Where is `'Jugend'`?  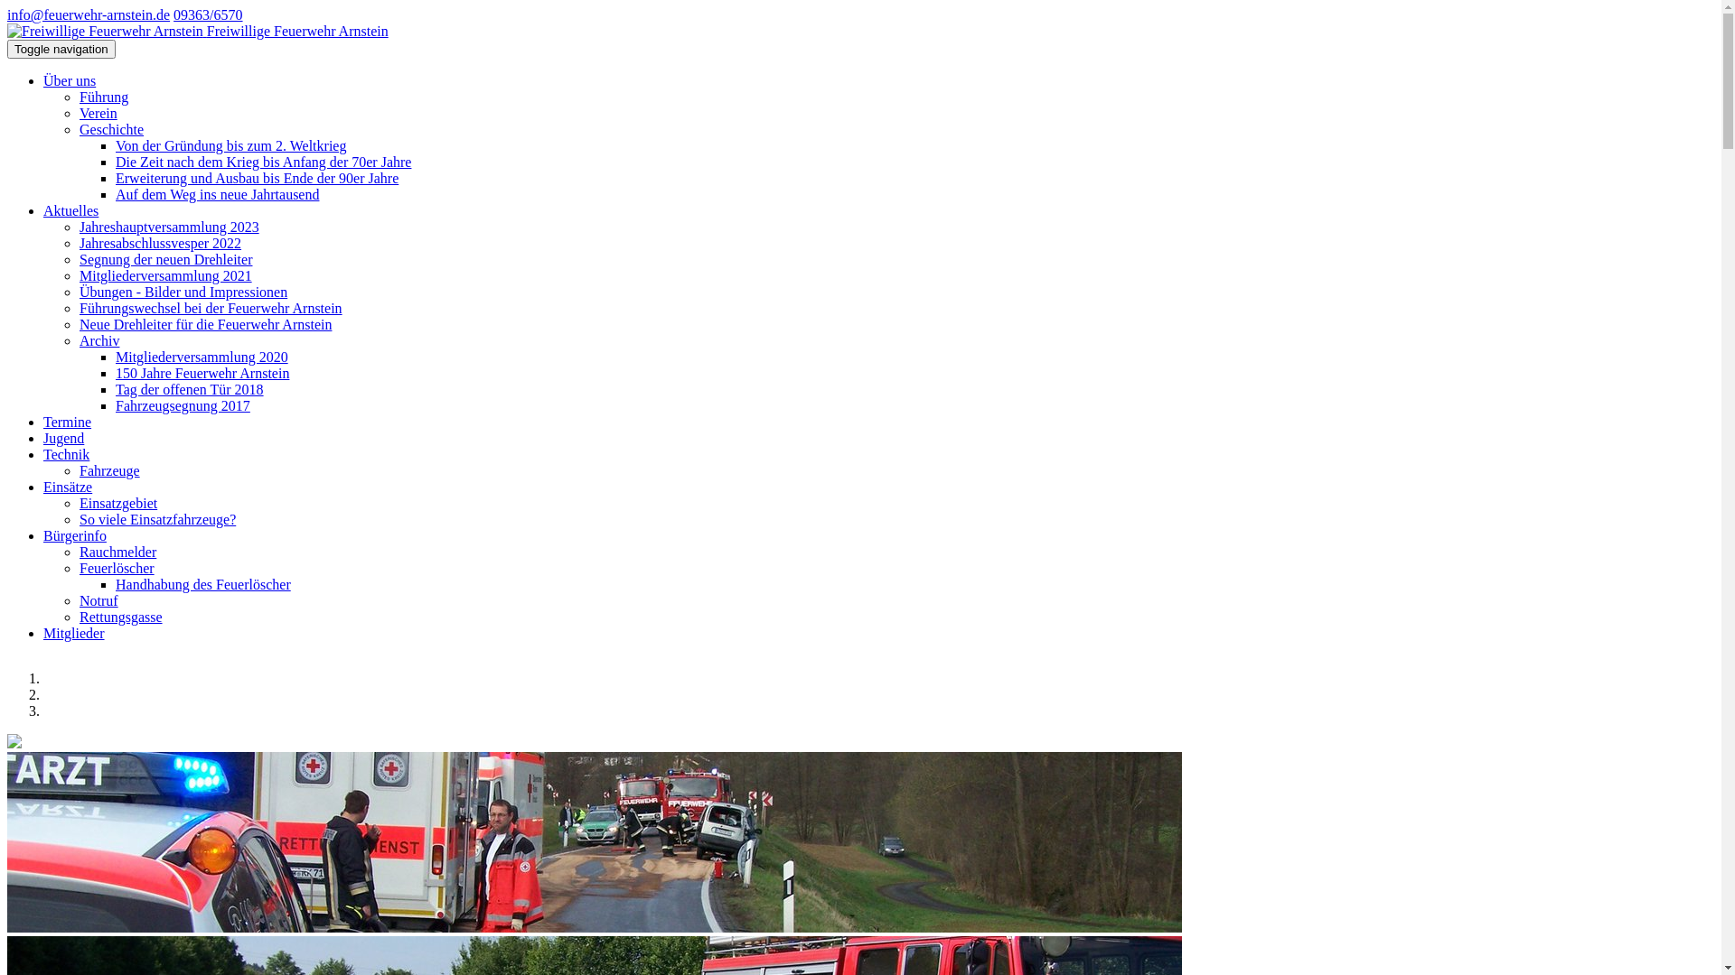 'Jugend' is located at coordinates (63, 438).